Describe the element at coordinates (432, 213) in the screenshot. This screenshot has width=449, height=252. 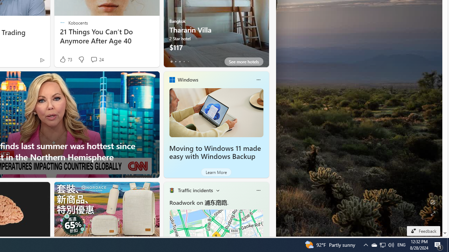
I see `'Expand background'` at that location.